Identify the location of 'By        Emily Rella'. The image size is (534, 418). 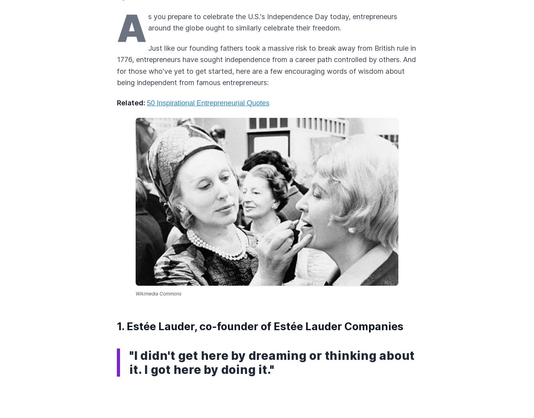
(158, 274).